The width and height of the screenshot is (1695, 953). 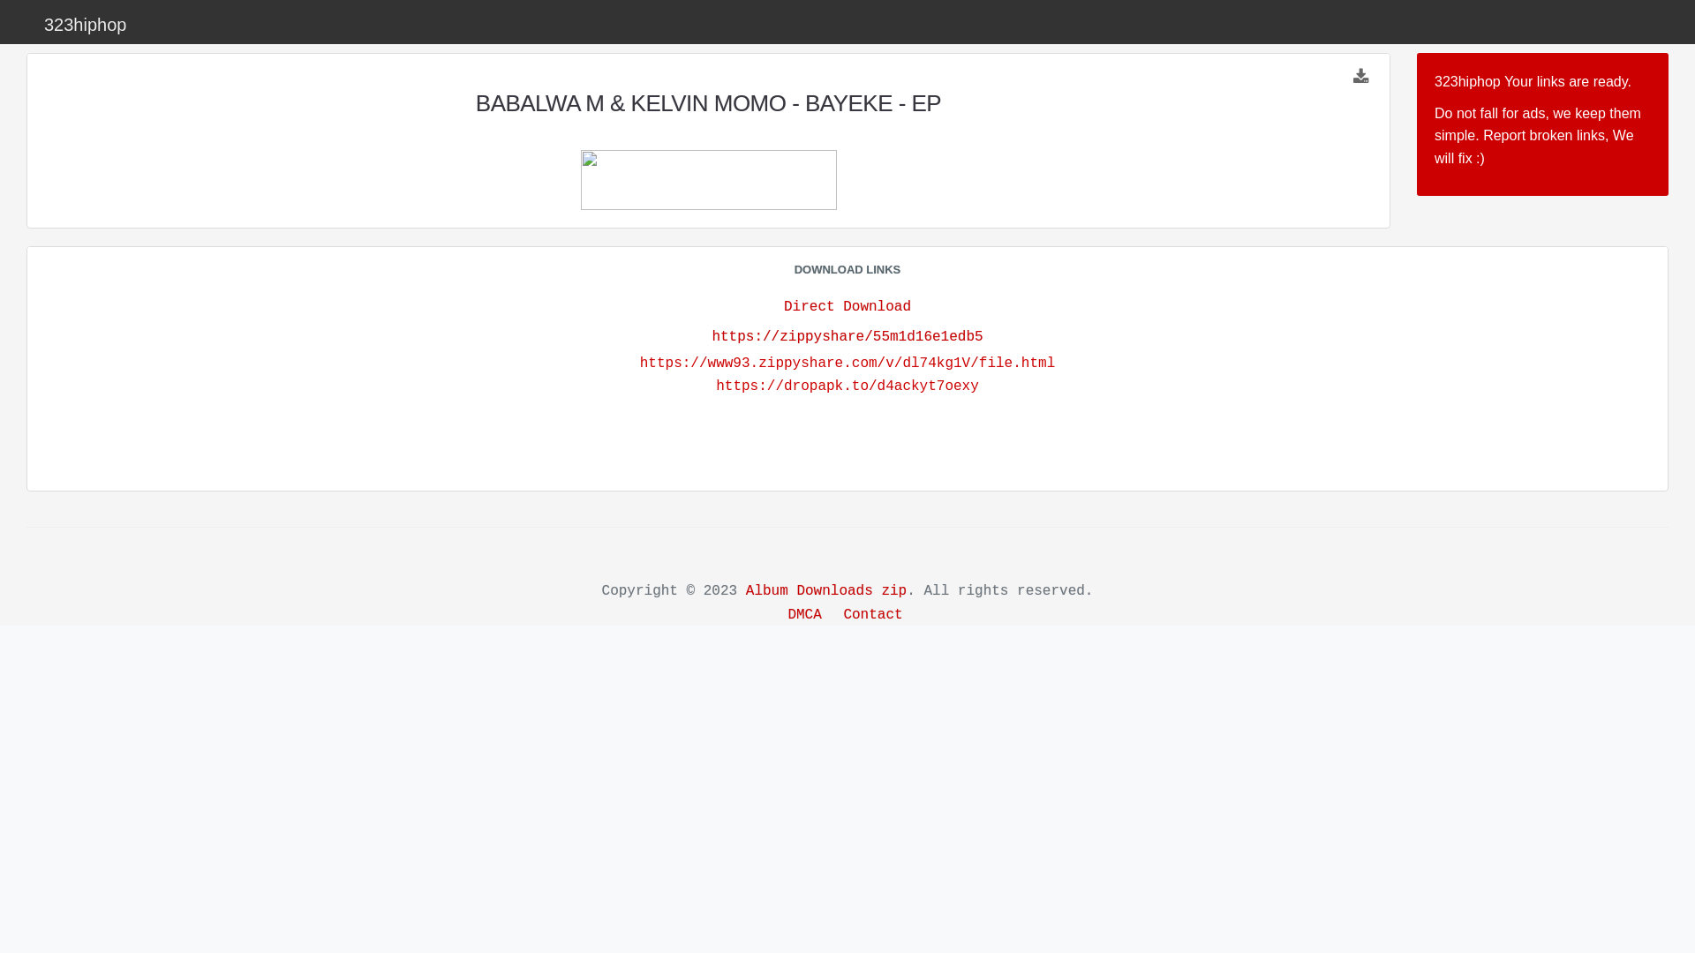 I want to click on 'https://www93.zippyshare.com/v/dl74kg1V/file.html', so click(x=847, y=363).